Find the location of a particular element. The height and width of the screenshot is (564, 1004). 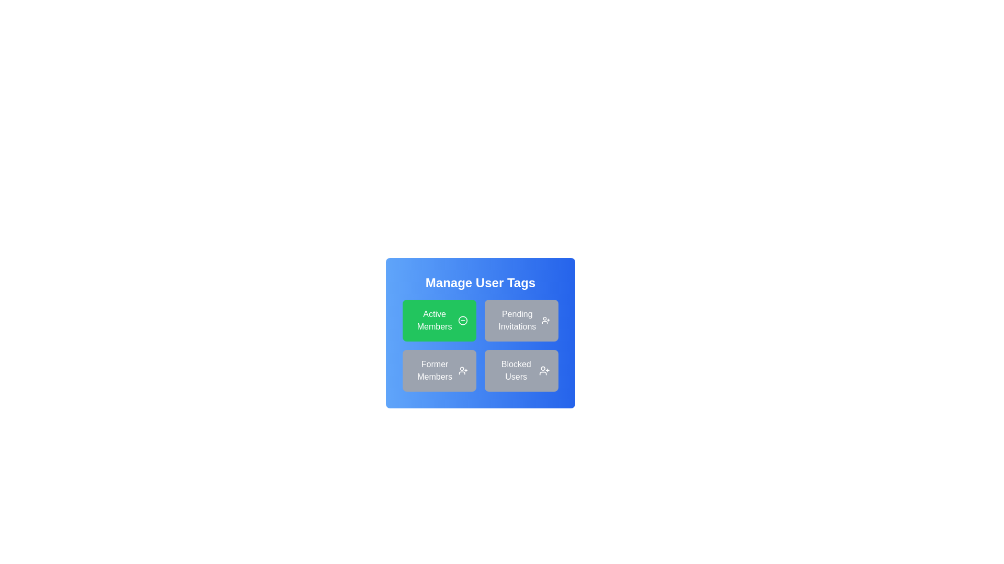

the 'Active Members' button, which features a green background, rounded corners, and white text with a minus icon, located in the top-left corner of the grid under 'Manage User Tags' is located at coordinates (439, 320).